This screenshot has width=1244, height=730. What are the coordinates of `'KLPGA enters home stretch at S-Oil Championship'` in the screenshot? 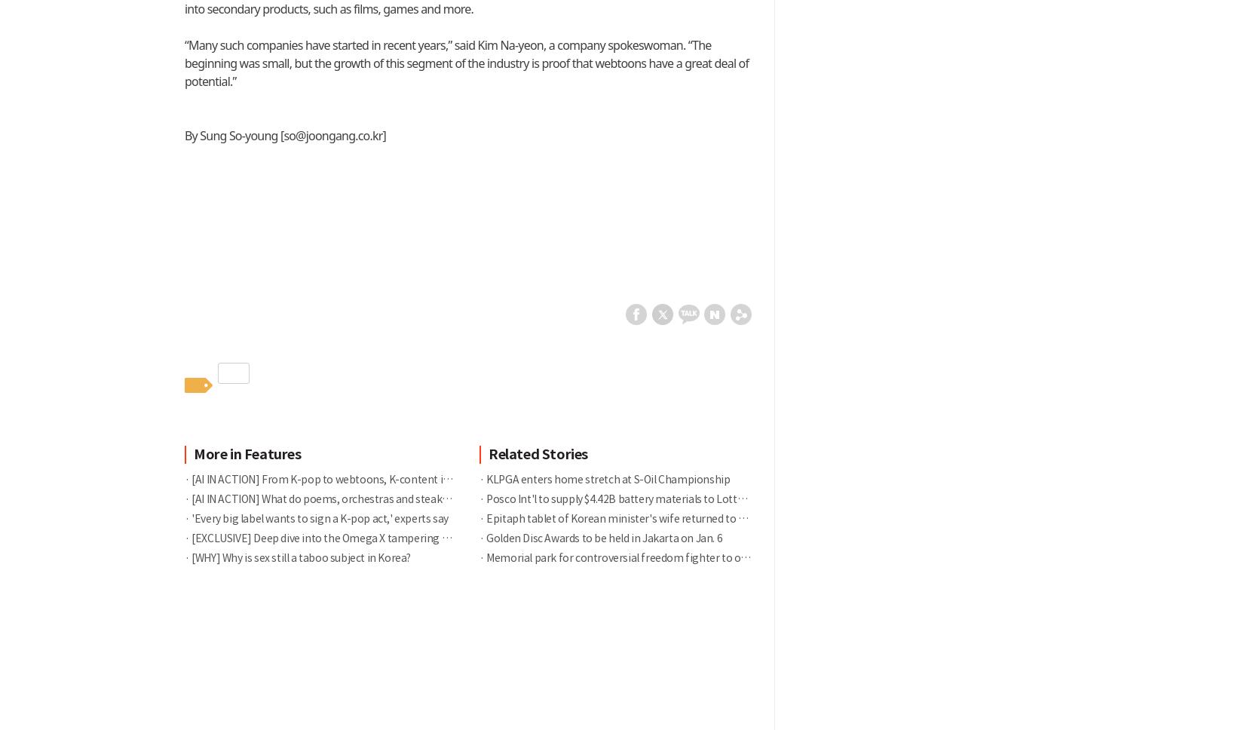 It's located at (483, 478).